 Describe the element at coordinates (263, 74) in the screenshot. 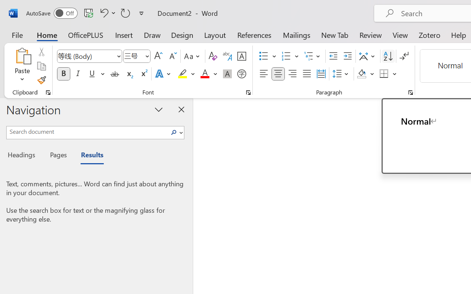

I see `'Align Left'` at that location.